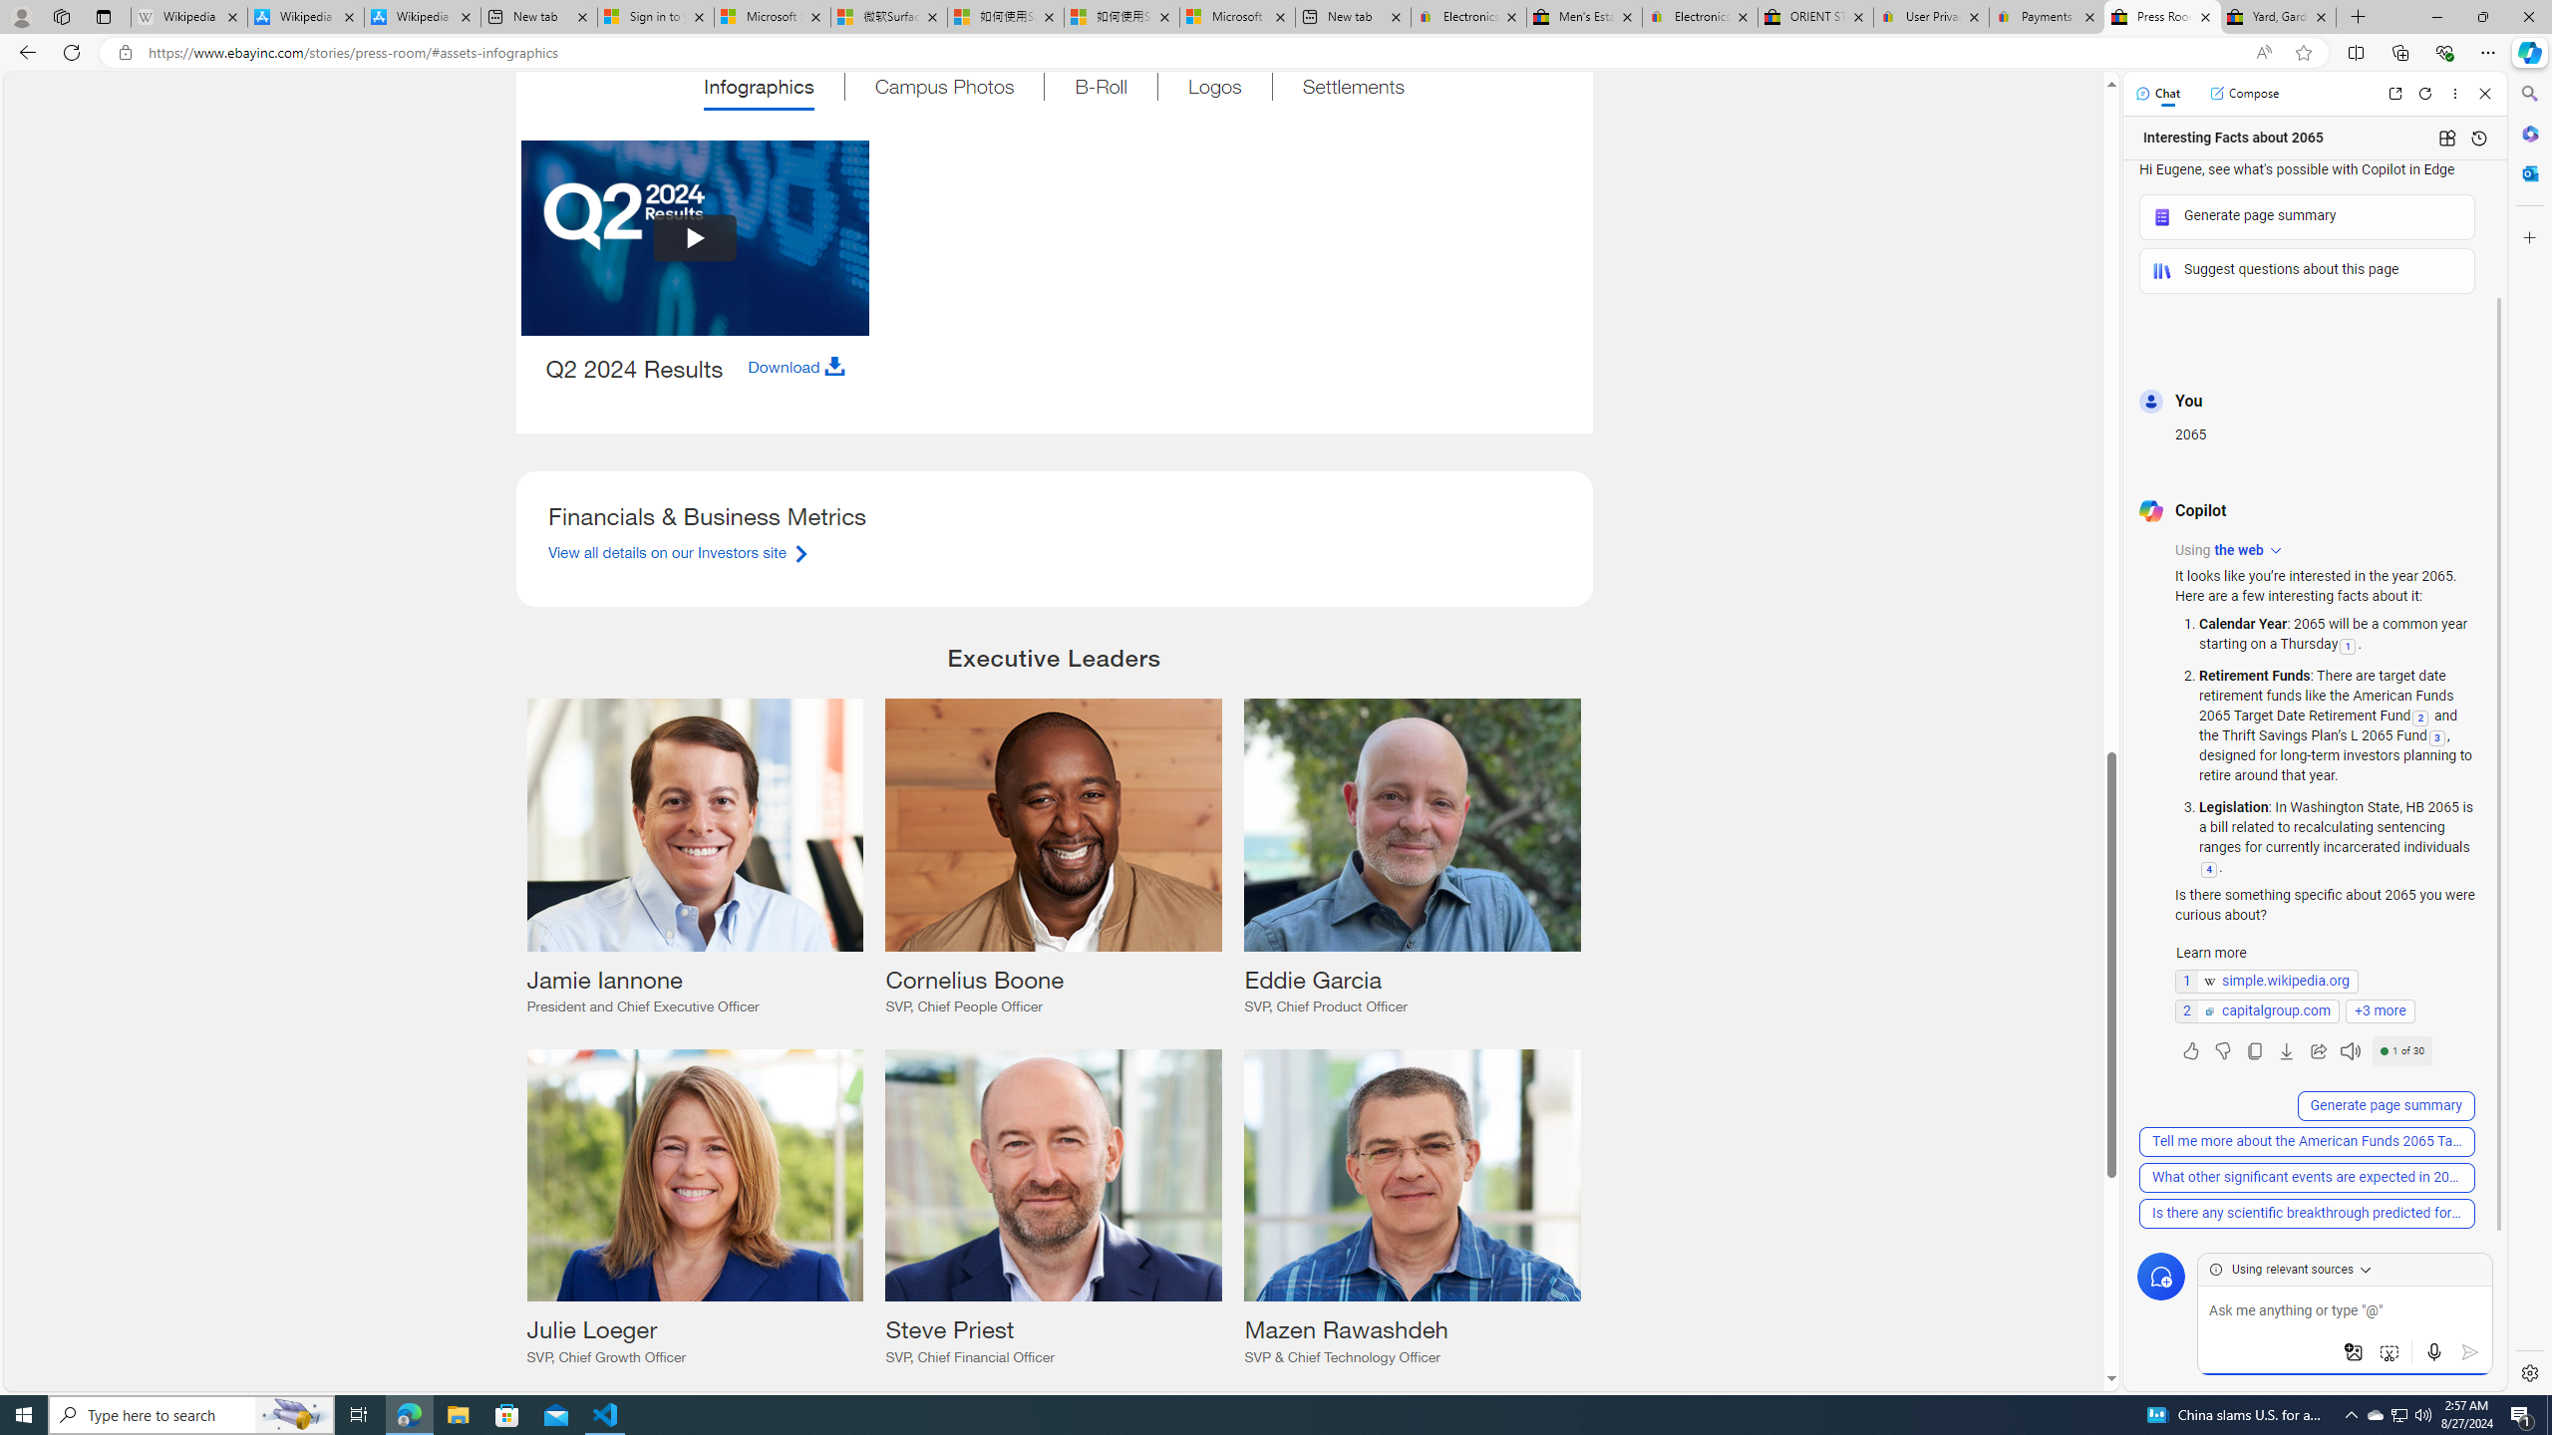 Image resolution: width=2552 pixels, height=1435 pixels. I want to click on 'Sign in to your Microsoft account', so click(654, 16).